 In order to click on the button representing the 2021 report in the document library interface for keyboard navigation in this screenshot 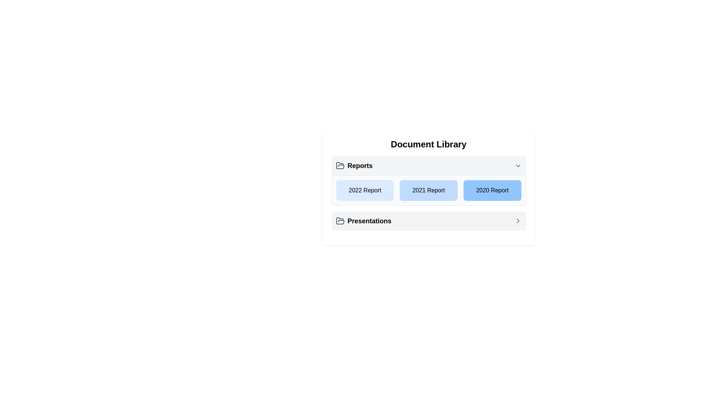, I will do `click(428, 190)`.